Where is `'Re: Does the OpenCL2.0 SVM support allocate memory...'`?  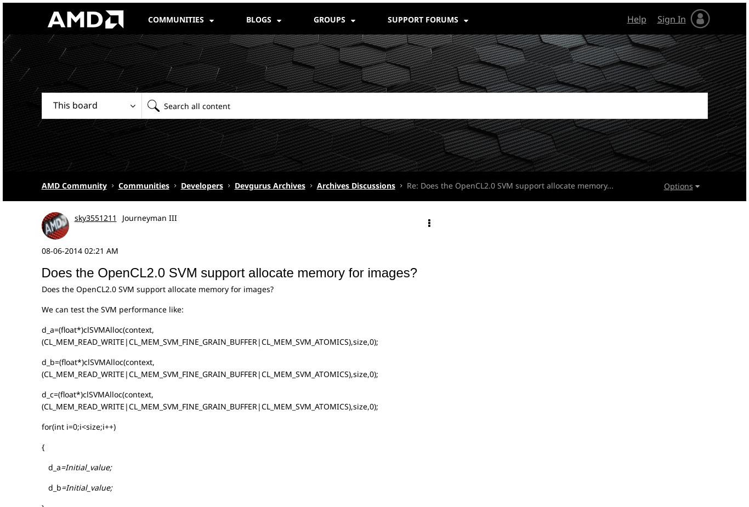
'Re: Does the OpenCL2.0 SVM support allocate memory...' is located at coordinates (509, 185).